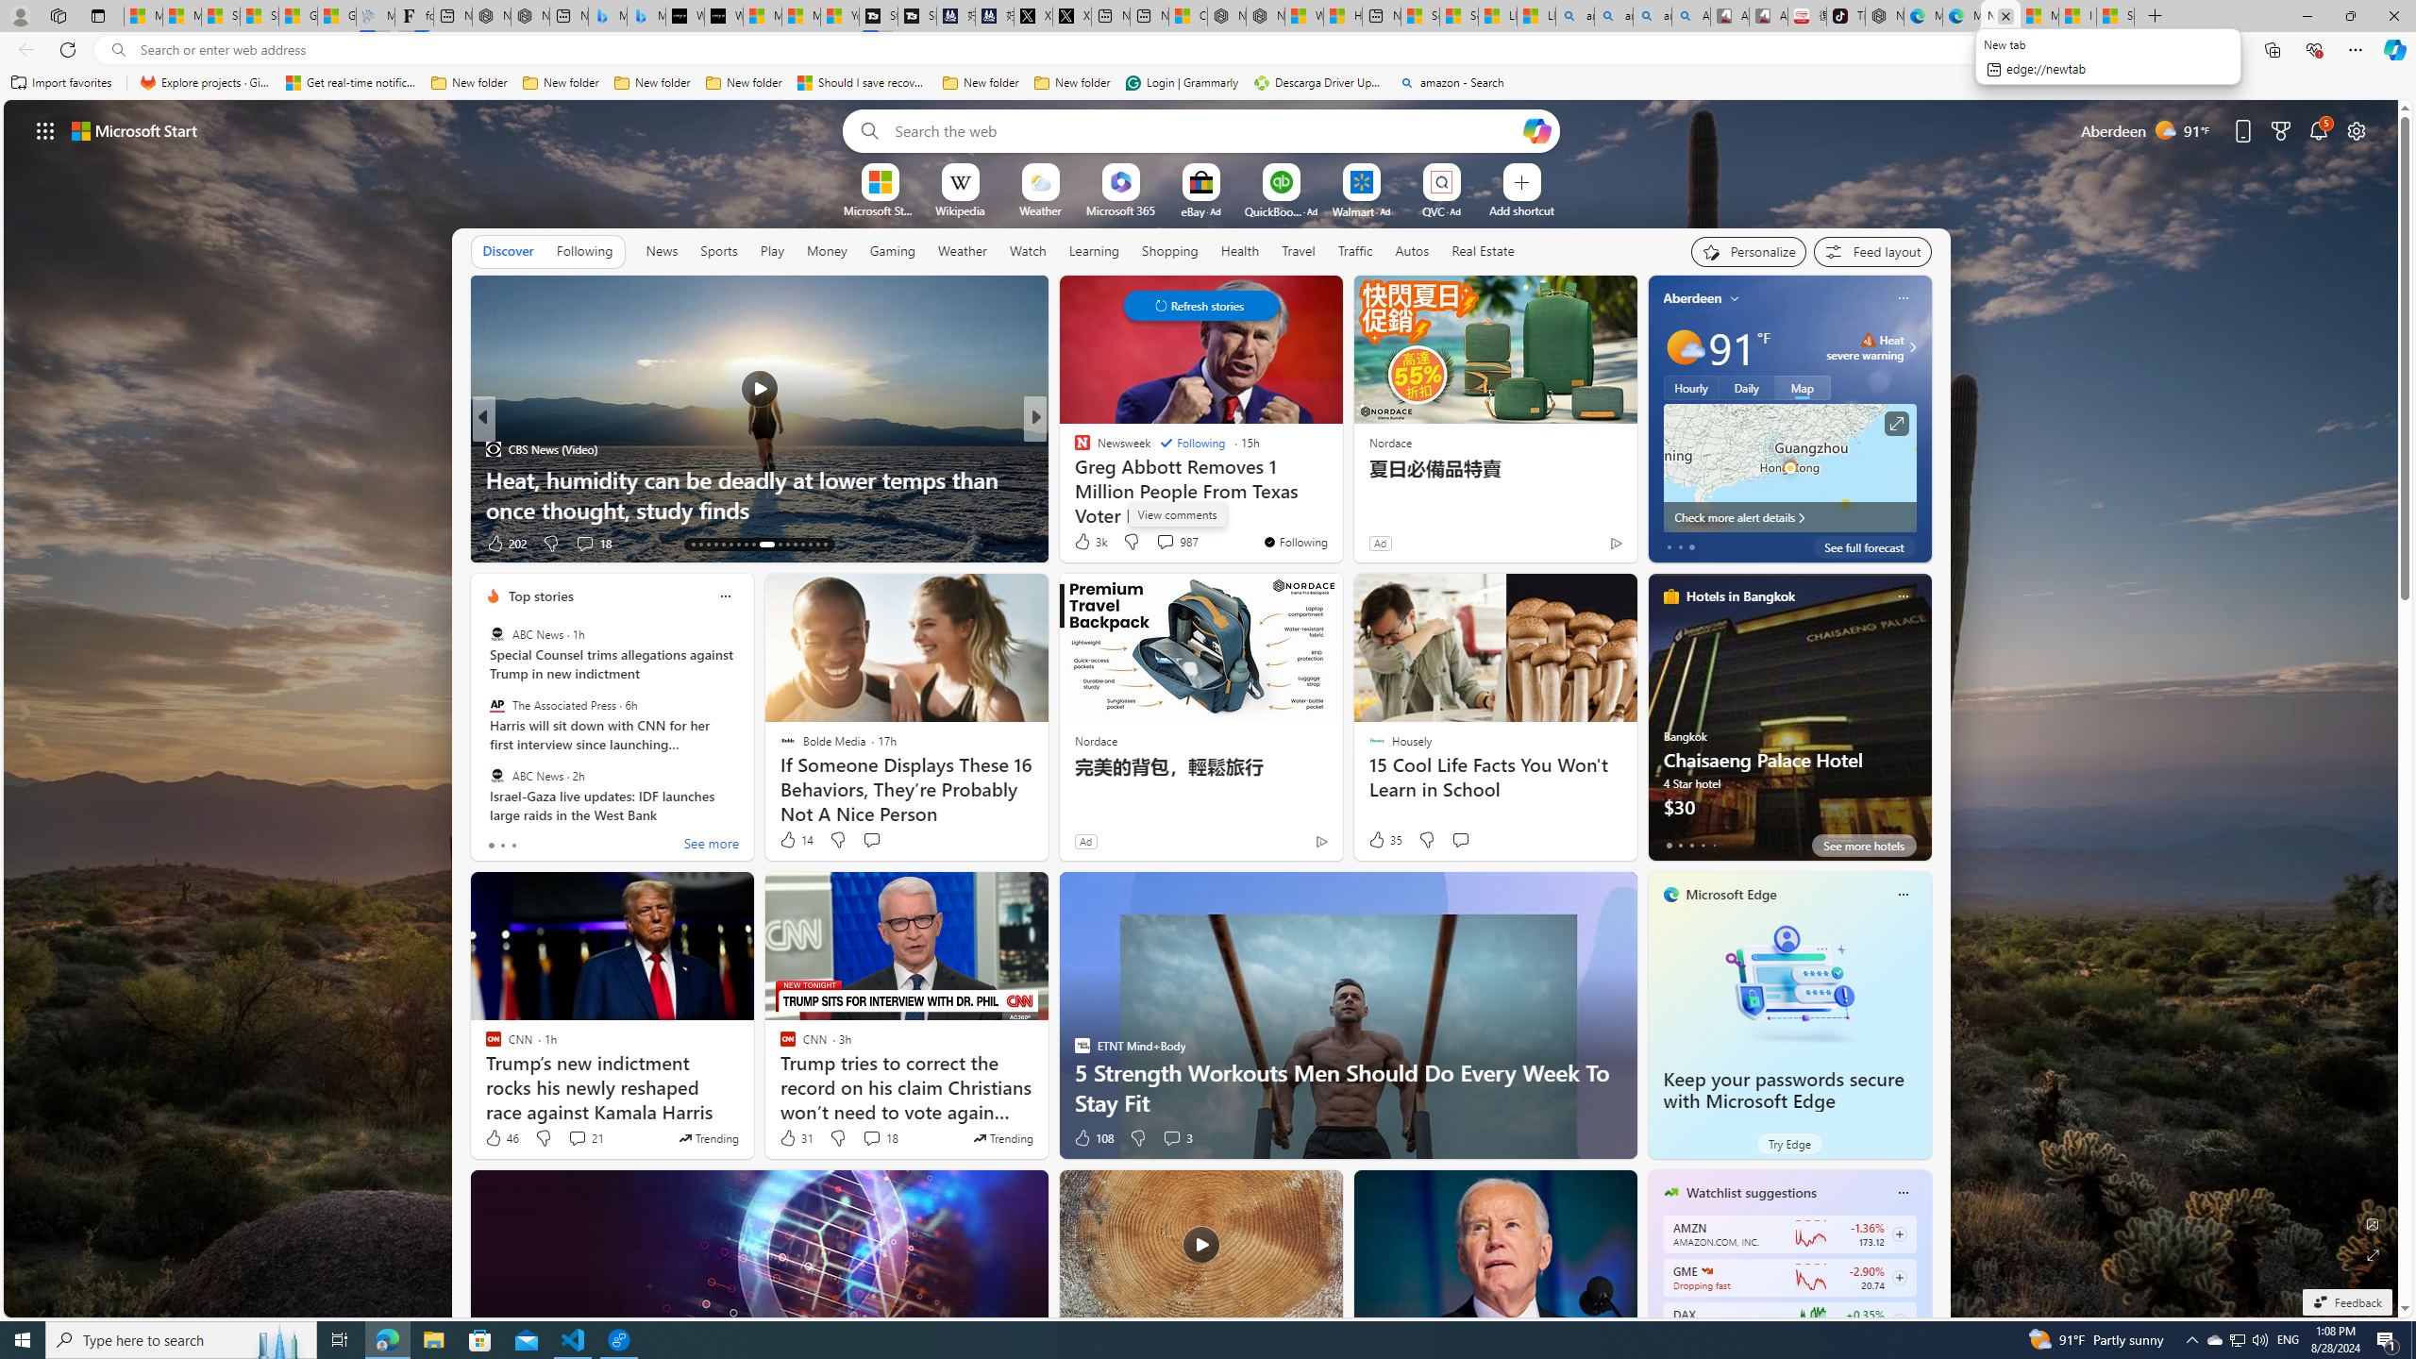 This screenshot has height=1359, width=2416. I want to click on 'Heat - Severe Heat severe warning', so click(1865, 346).